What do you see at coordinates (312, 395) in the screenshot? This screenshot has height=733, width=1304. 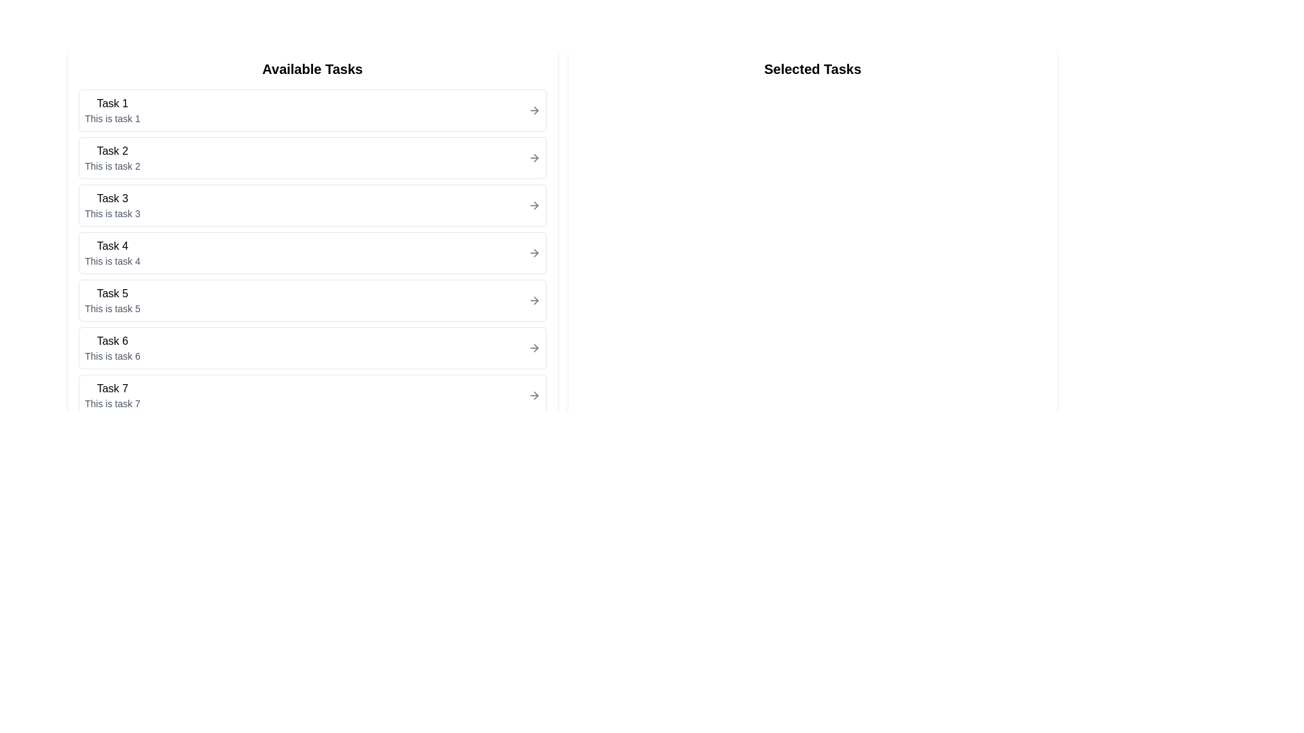 I see `the selectable task item for Task 7 in the Available Tasks list` at bounding box center [312, 395].